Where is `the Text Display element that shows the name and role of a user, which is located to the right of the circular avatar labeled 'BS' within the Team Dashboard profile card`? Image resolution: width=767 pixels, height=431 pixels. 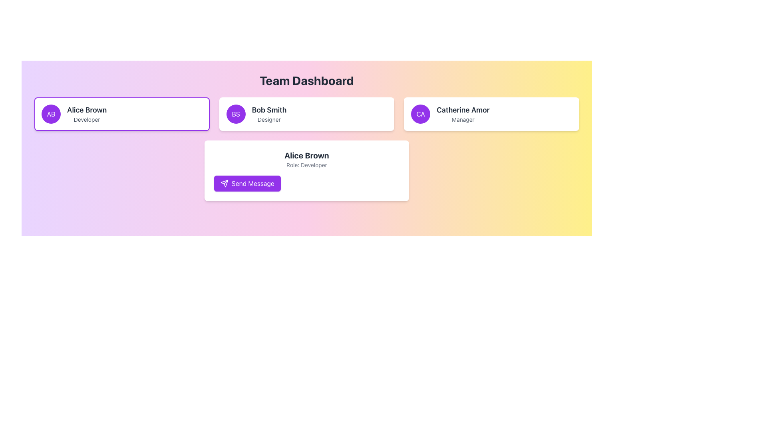 the Text Display element that shows the name and role of a user, which is located to the right of the circular avatar labeled 'BS' within the Team Dashboard profile card is located at coordinates (269, 114).